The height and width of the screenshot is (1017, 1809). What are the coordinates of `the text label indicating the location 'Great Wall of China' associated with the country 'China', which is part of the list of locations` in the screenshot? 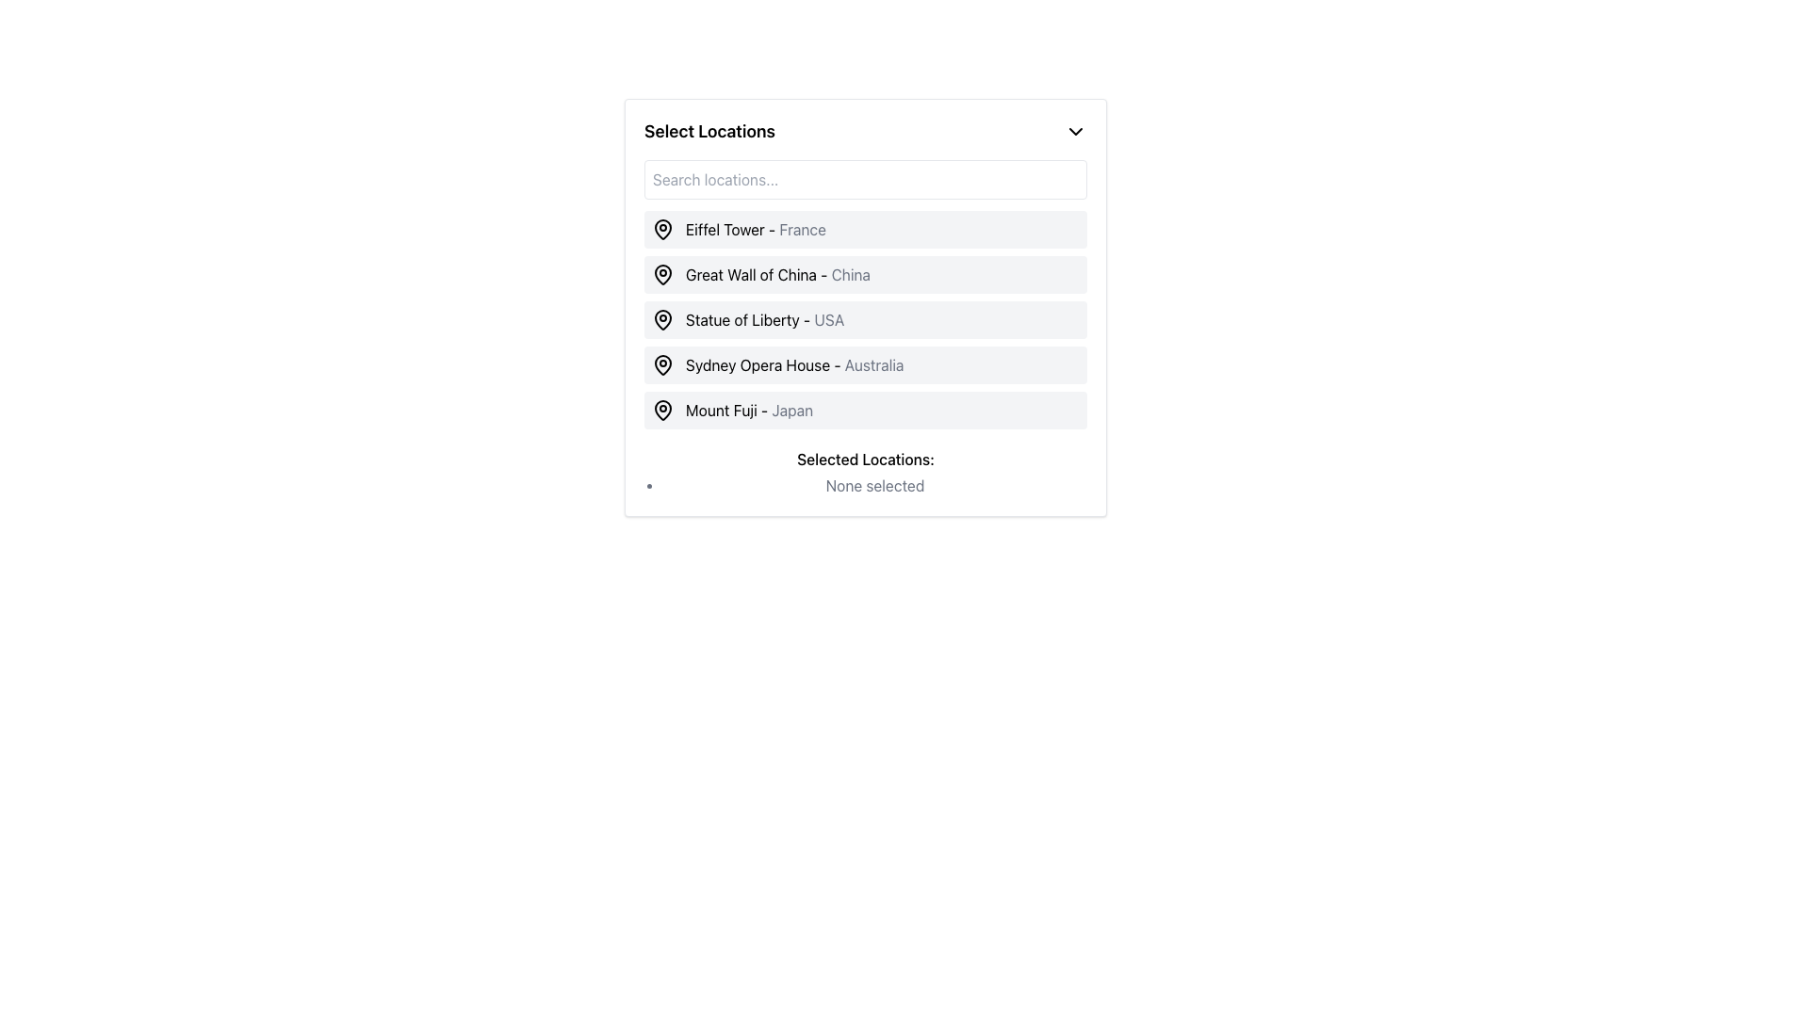 It's located at (850, 275).